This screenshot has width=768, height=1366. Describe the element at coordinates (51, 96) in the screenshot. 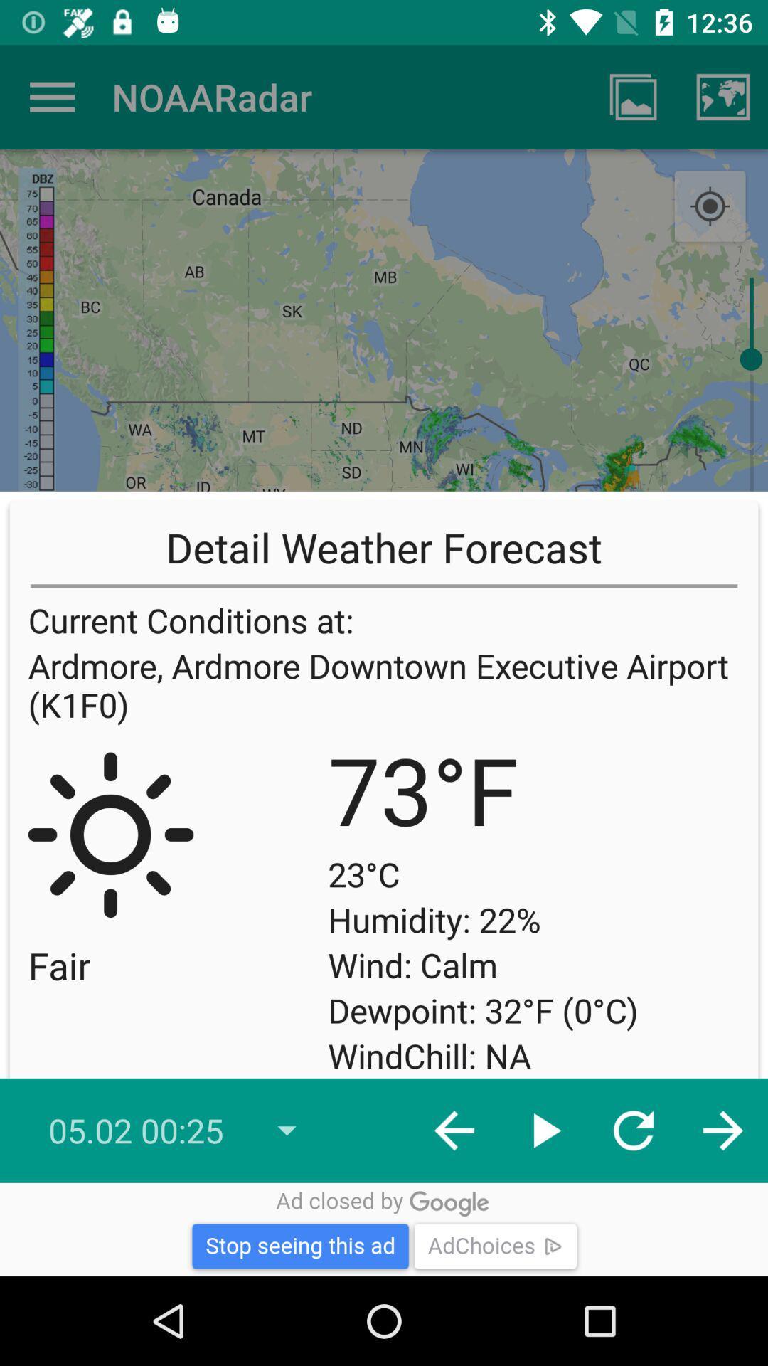

I see `go back` at that location.